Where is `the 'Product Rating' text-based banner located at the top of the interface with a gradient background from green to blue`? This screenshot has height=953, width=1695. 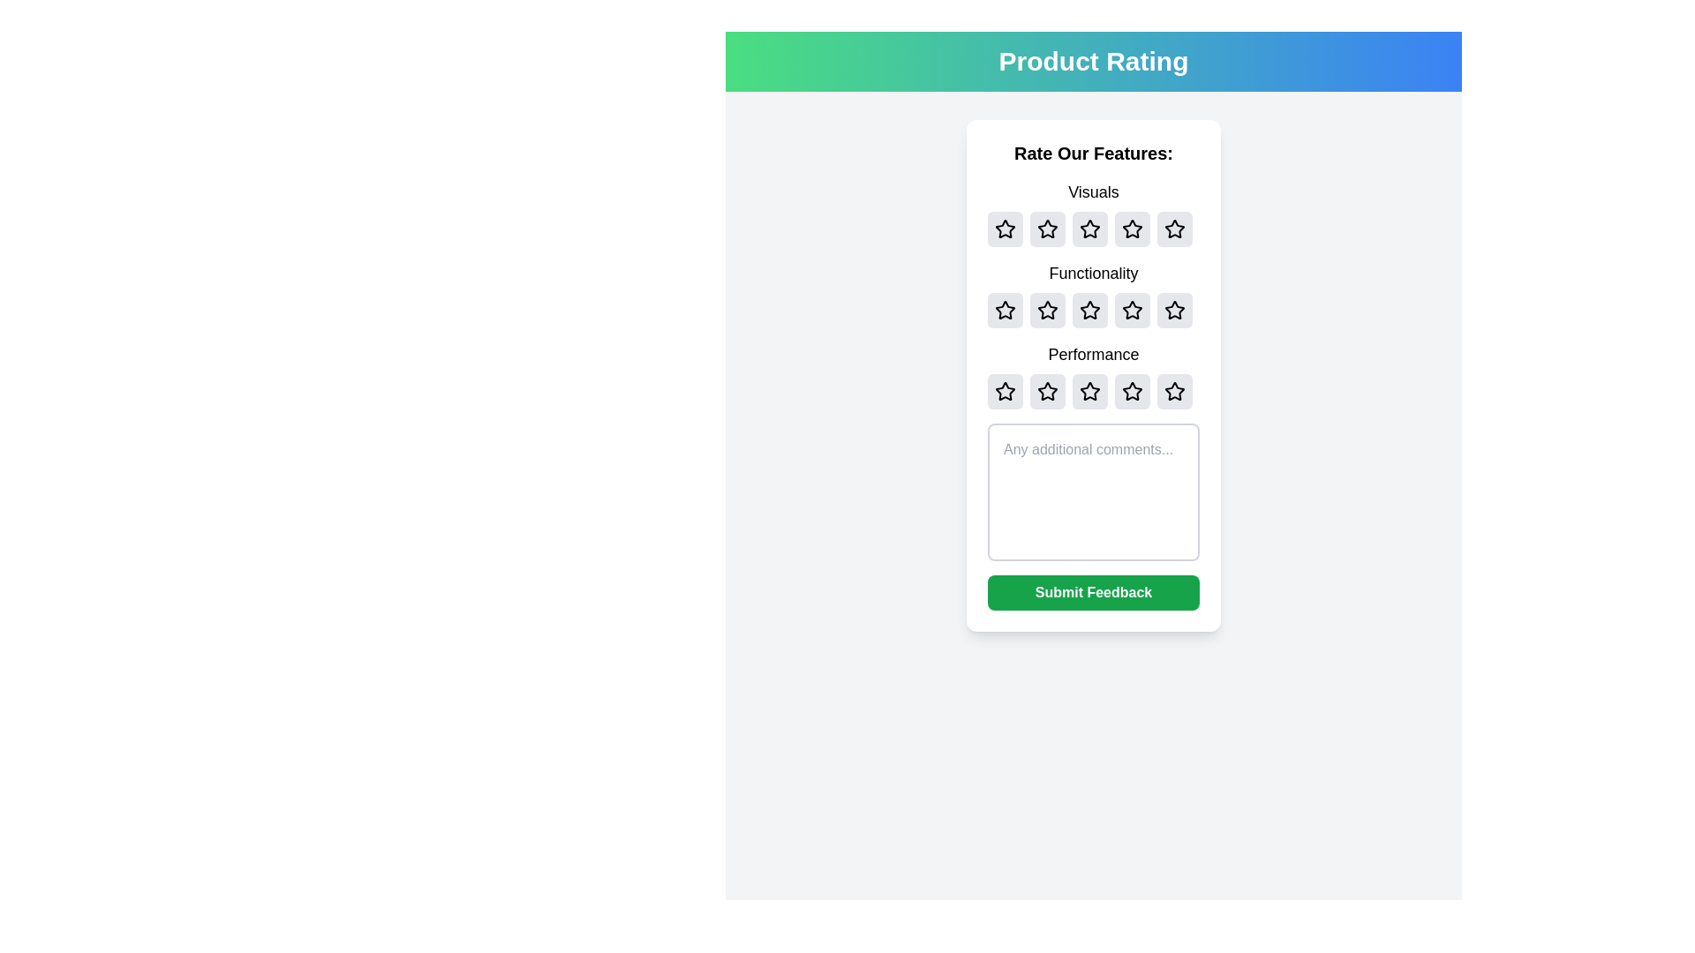
the 'Product Rating' text-based banner located at the top of the interface with a gradient background from green to blue is located at coordinates (1092, 60).